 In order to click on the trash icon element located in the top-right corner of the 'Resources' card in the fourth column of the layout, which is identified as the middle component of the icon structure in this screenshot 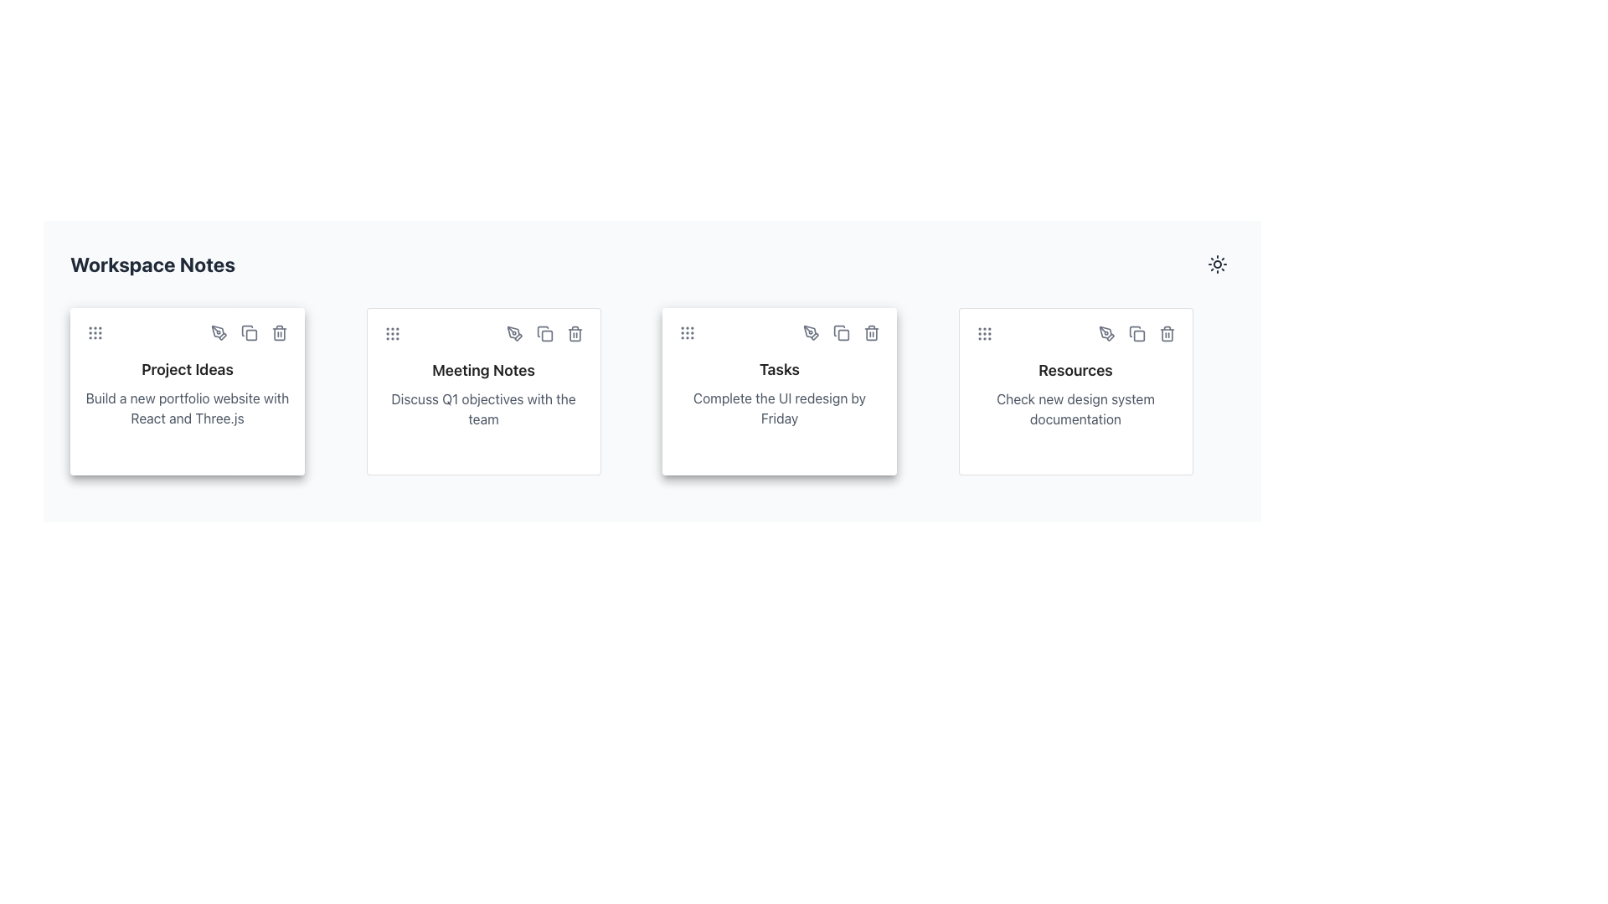, I will do `click(1166, 335)`.